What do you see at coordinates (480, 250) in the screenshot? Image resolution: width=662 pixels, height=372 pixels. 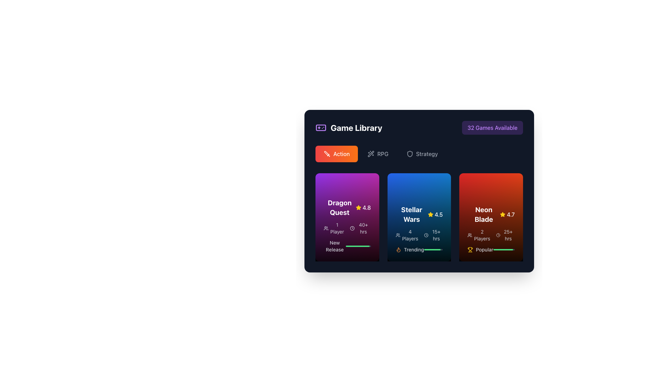 I see `the 'Popular' label with a trophy icon, which is located in the bottom section of the 'Neon Blade' card on the rightmost side, below player count and playtime statistics` at bounding box center [480, 250].